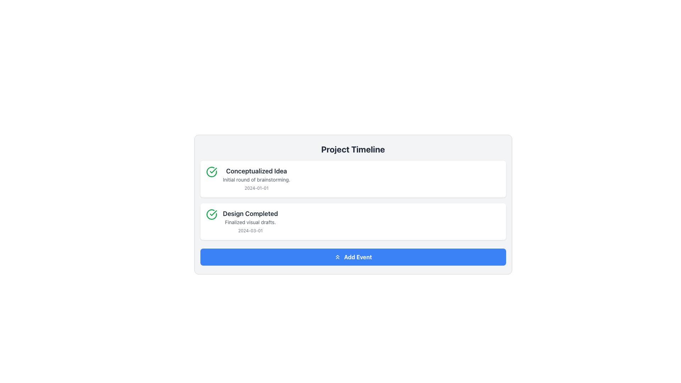 Image resolution: width=681 pixels, height=383 pixels. What do you see at coordinates (256, 188) in the screenshot?
I see `the text label displaying the date '2024-01-01', which is styled in light gray and positioned below the title 'Conceptualized Idea' in the project timeline entry` at bounding box center [256, 188].